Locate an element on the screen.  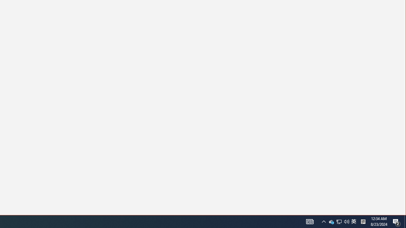
'Notification Chevron' is located at coordinates (338, 221).